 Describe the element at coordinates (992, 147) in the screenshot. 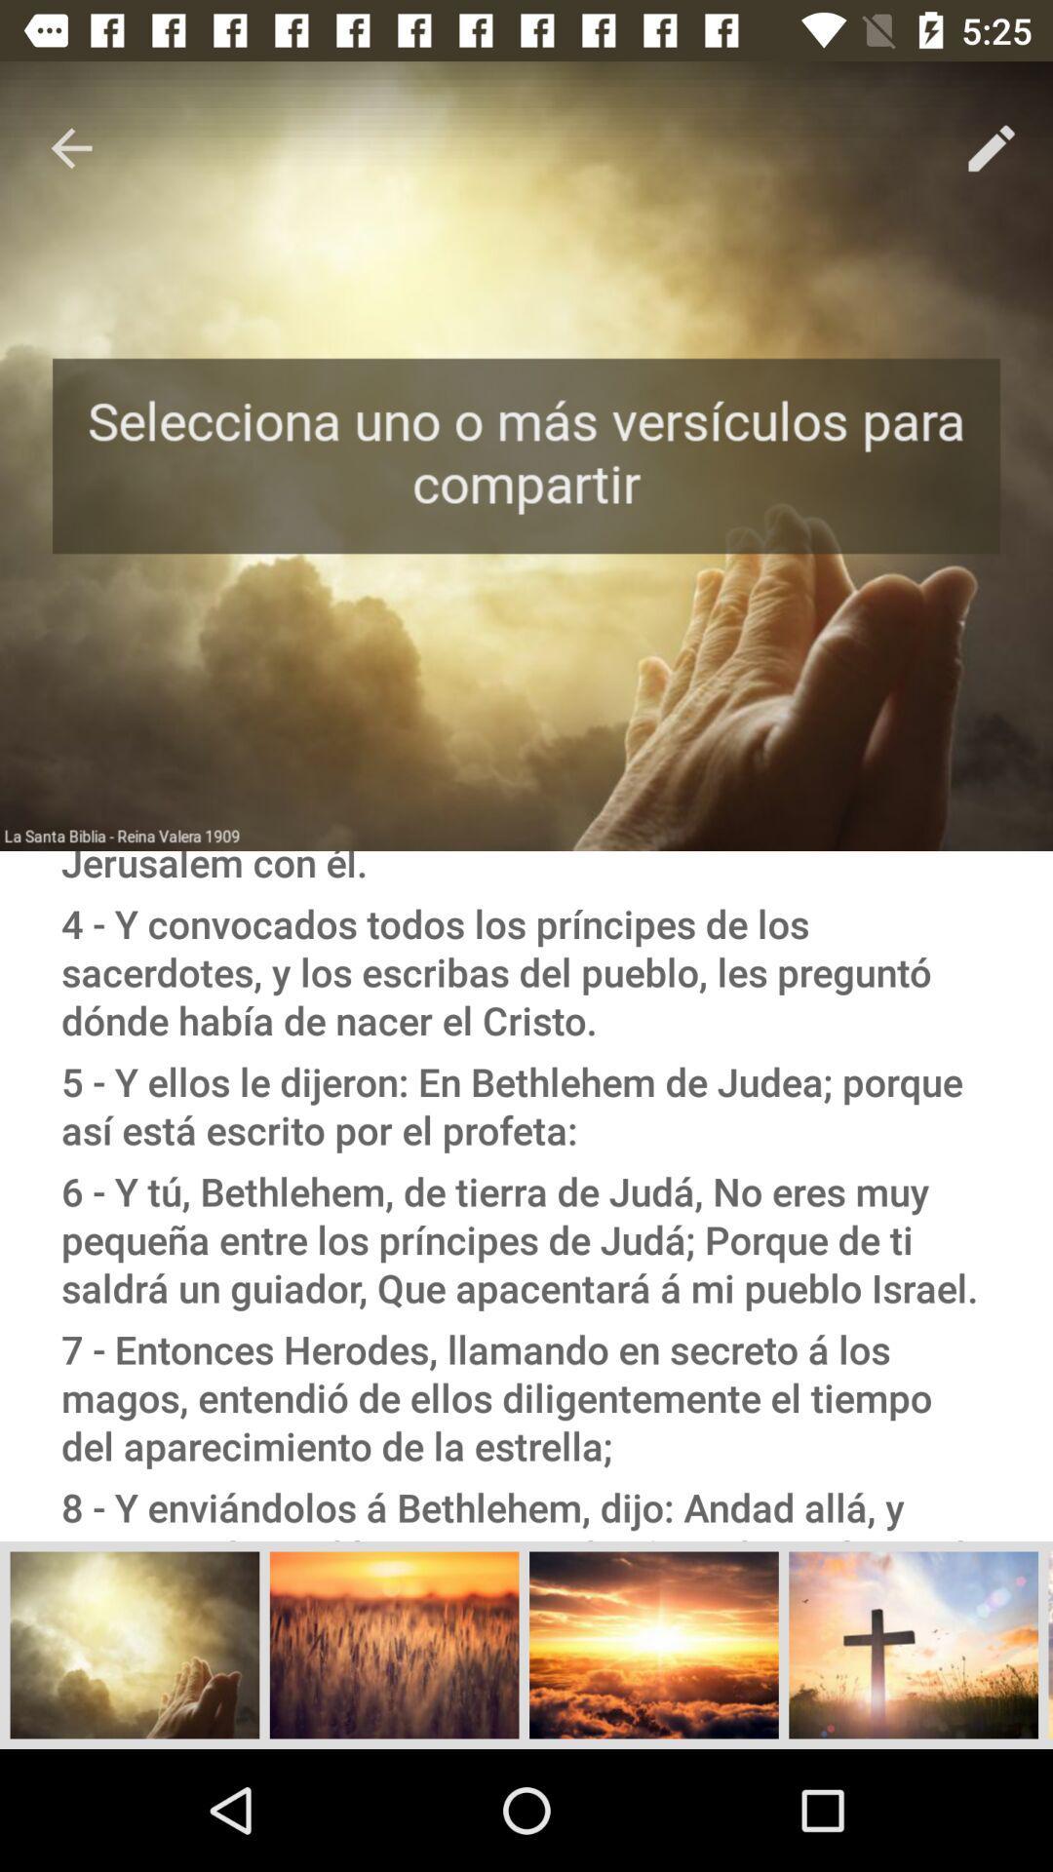

I see `the pencil icon below 525` at that location.